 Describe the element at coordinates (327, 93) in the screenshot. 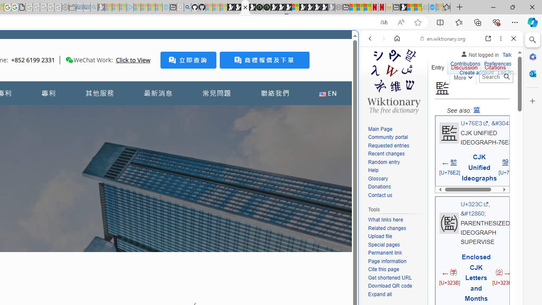

I see `'EN'` at that location.